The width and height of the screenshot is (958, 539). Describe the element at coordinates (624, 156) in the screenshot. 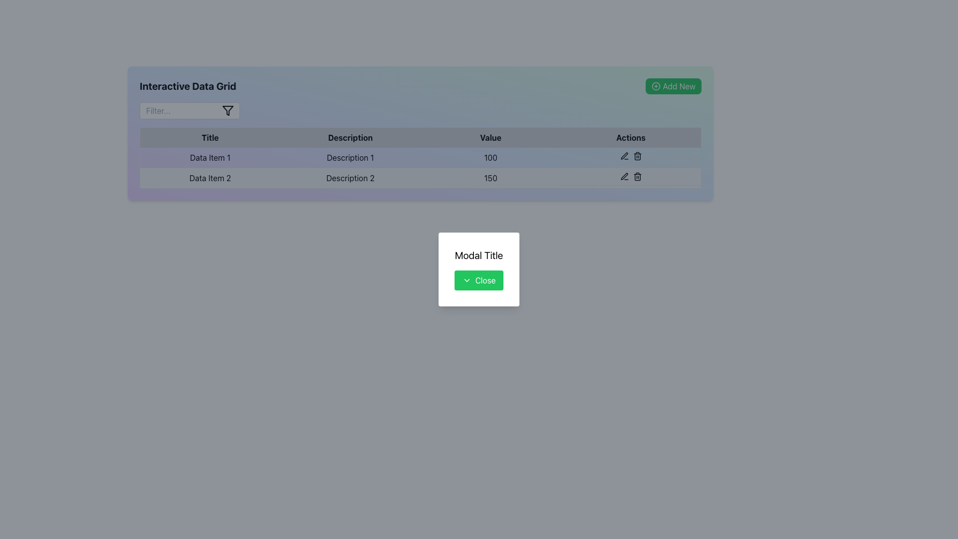

I see `the edit button, which is the first icon in the 'Actions' column for 'Data Item 2', to modify the corresponding data entry` at that location.